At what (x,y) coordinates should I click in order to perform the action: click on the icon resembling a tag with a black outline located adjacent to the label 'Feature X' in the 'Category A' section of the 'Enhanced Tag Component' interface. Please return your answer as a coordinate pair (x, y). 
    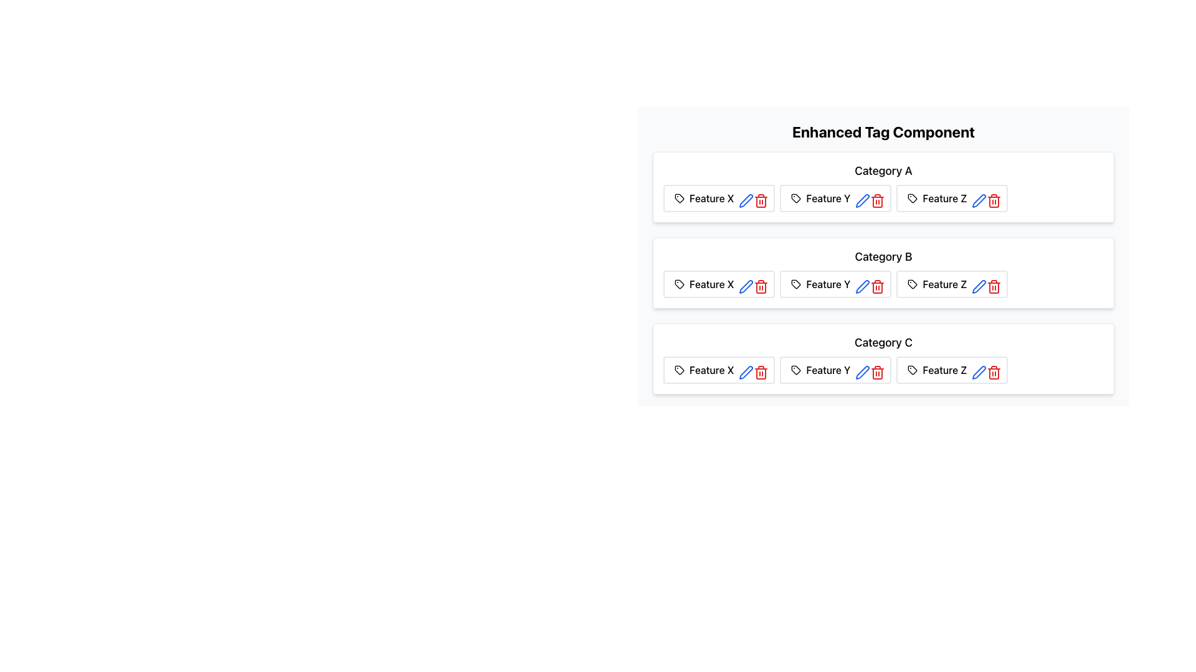
    Looking at the image, I should click on (678, 198).